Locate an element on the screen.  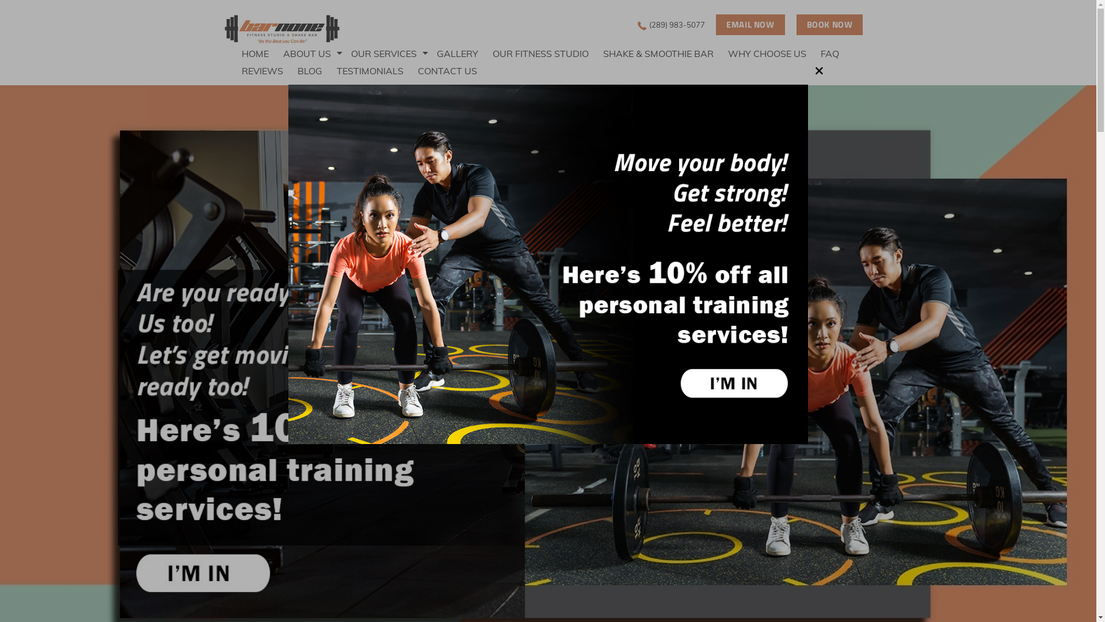
'GALLERY' is located at coordinates (464, 53).